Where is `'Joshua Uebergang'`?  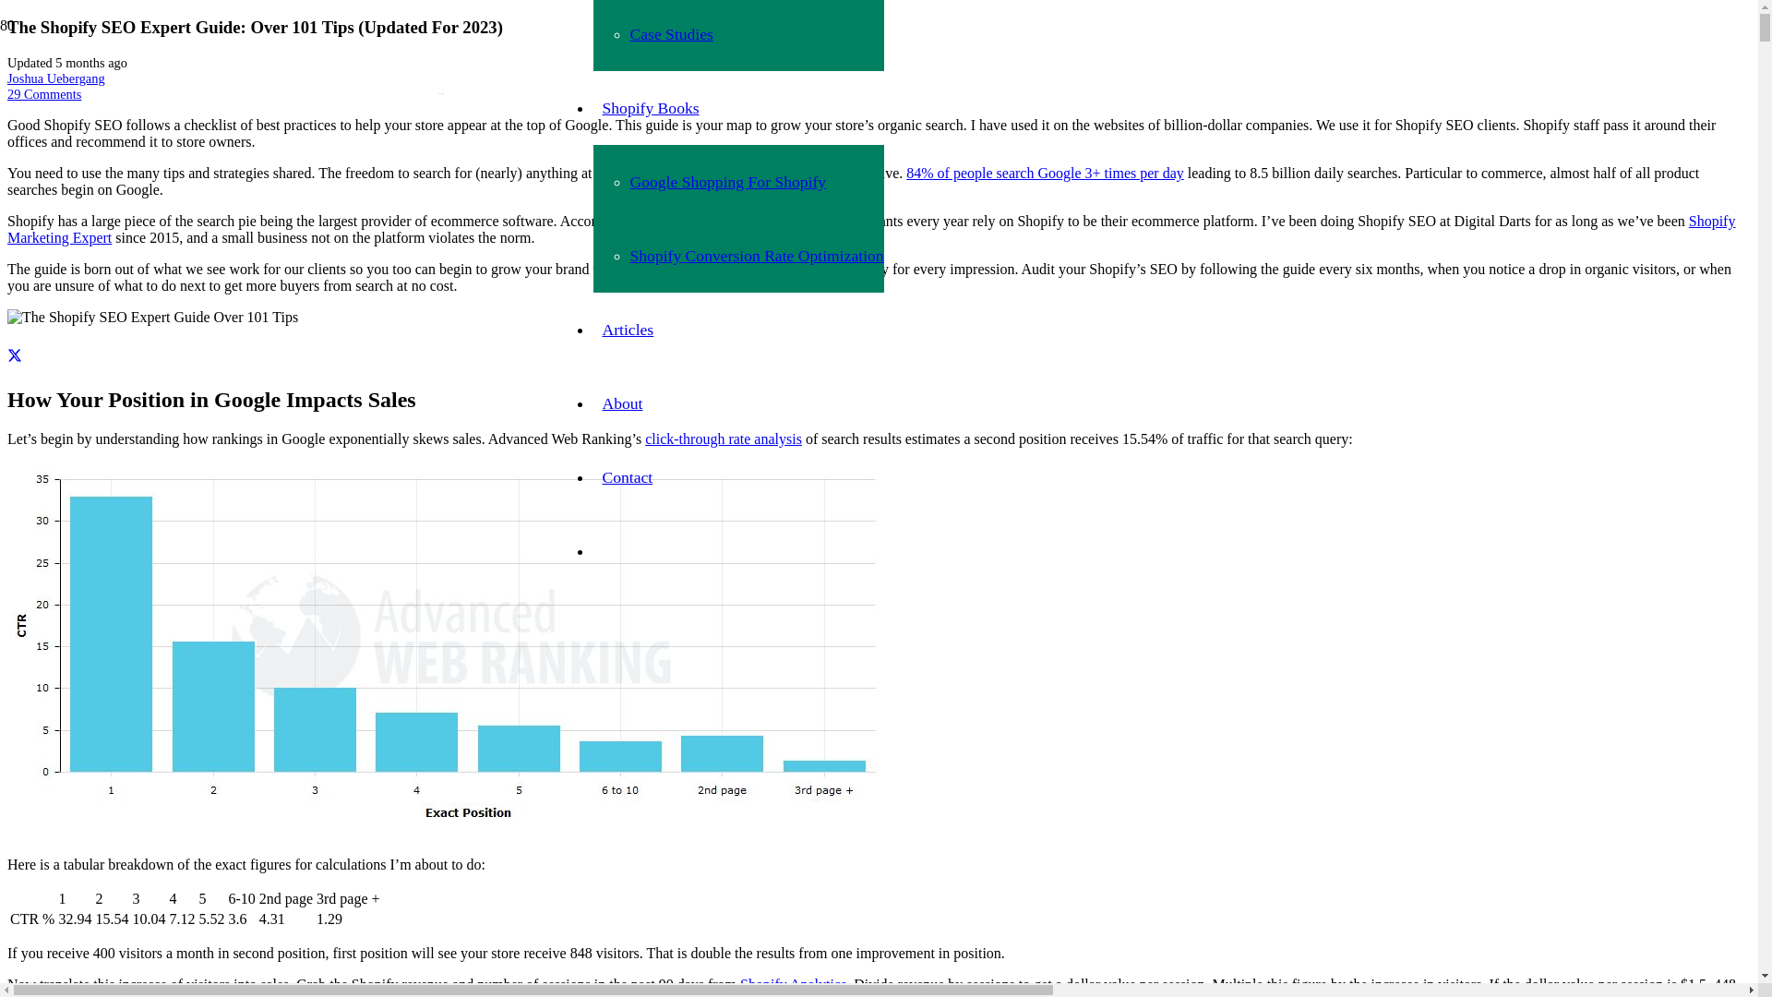 'Joshua Uebergang' is located at coordinates (56, 77).